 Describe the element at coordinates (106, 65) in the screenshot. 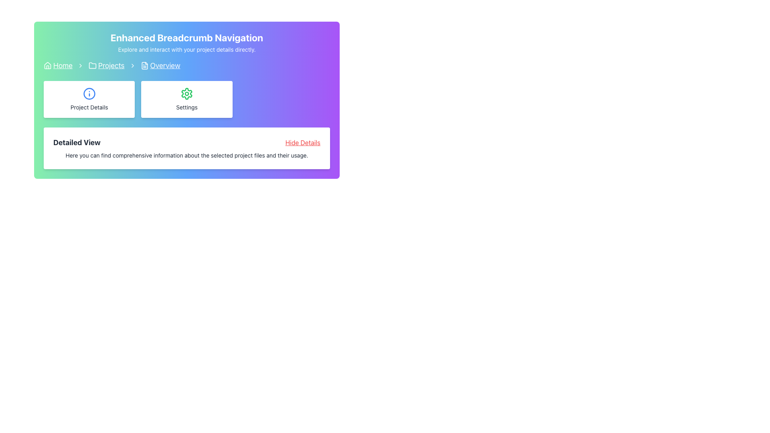

I see `the second breadcrumb link labeled 'Projects'` at that location.